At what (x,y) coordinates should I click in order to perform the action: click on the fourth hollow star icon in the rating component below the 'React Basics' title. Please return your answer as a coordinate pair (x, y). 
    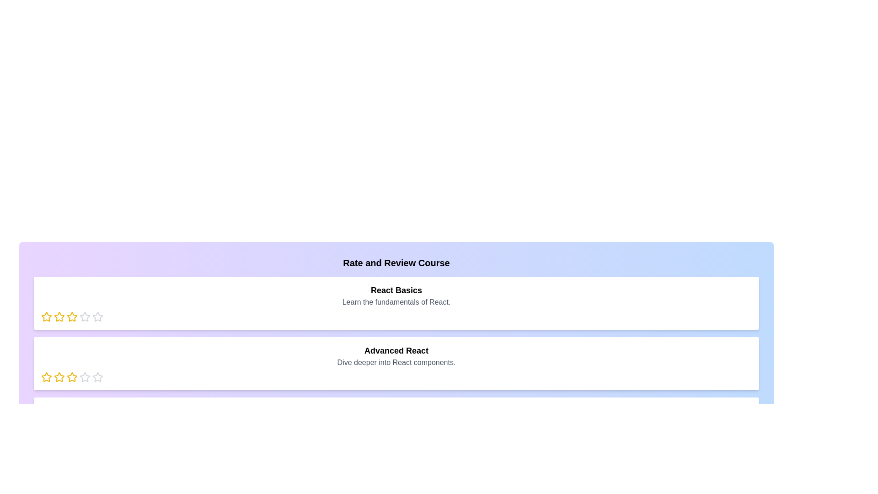
    Looking at the image, I should click on (98, 316).